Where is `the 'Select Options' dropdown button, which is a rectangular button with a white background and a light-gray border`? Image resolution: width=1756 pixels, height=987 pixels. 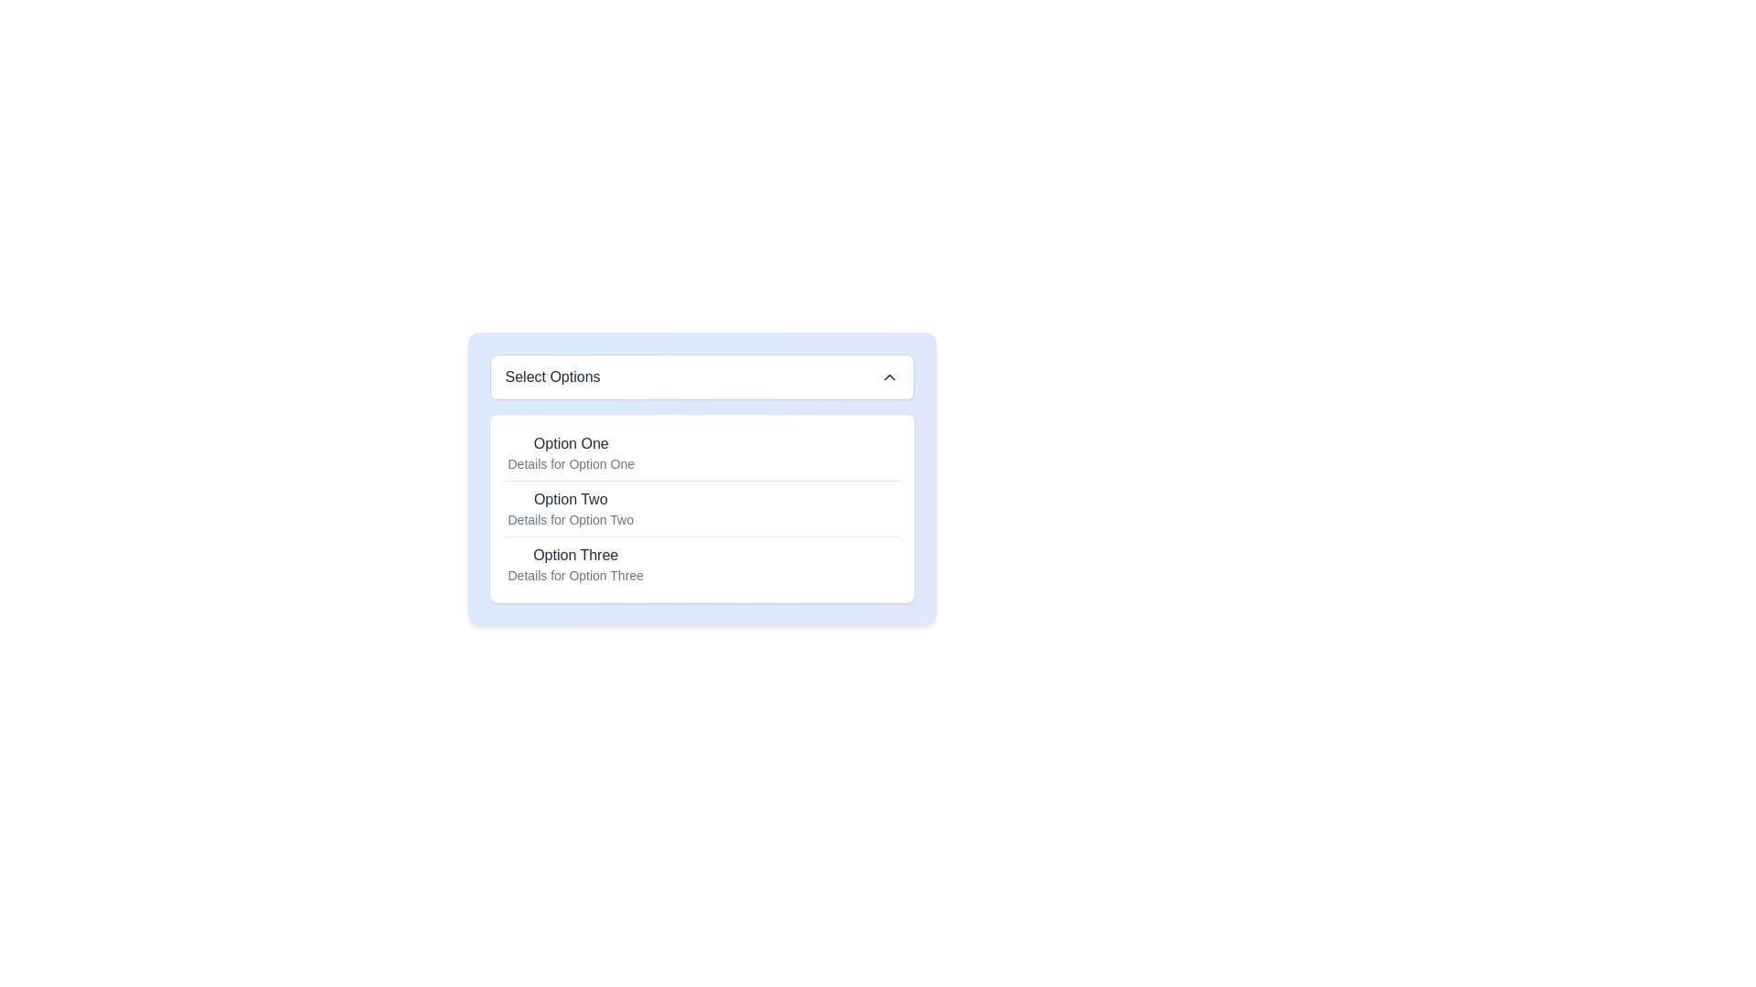
the 'Select Options' dropdown button, which is a rectangular button with a white background and a light-gray border is located at coordinates (701, 376).